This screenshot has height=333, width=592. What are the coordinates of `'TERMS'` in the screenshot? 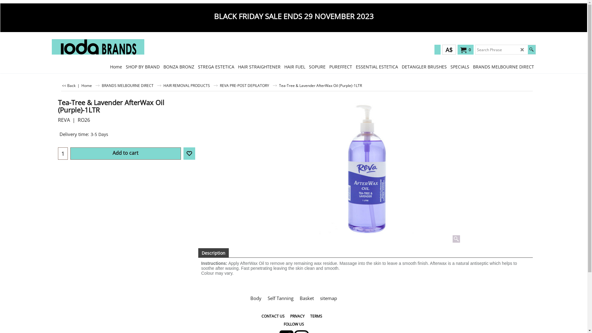 It's located at (316, 316).